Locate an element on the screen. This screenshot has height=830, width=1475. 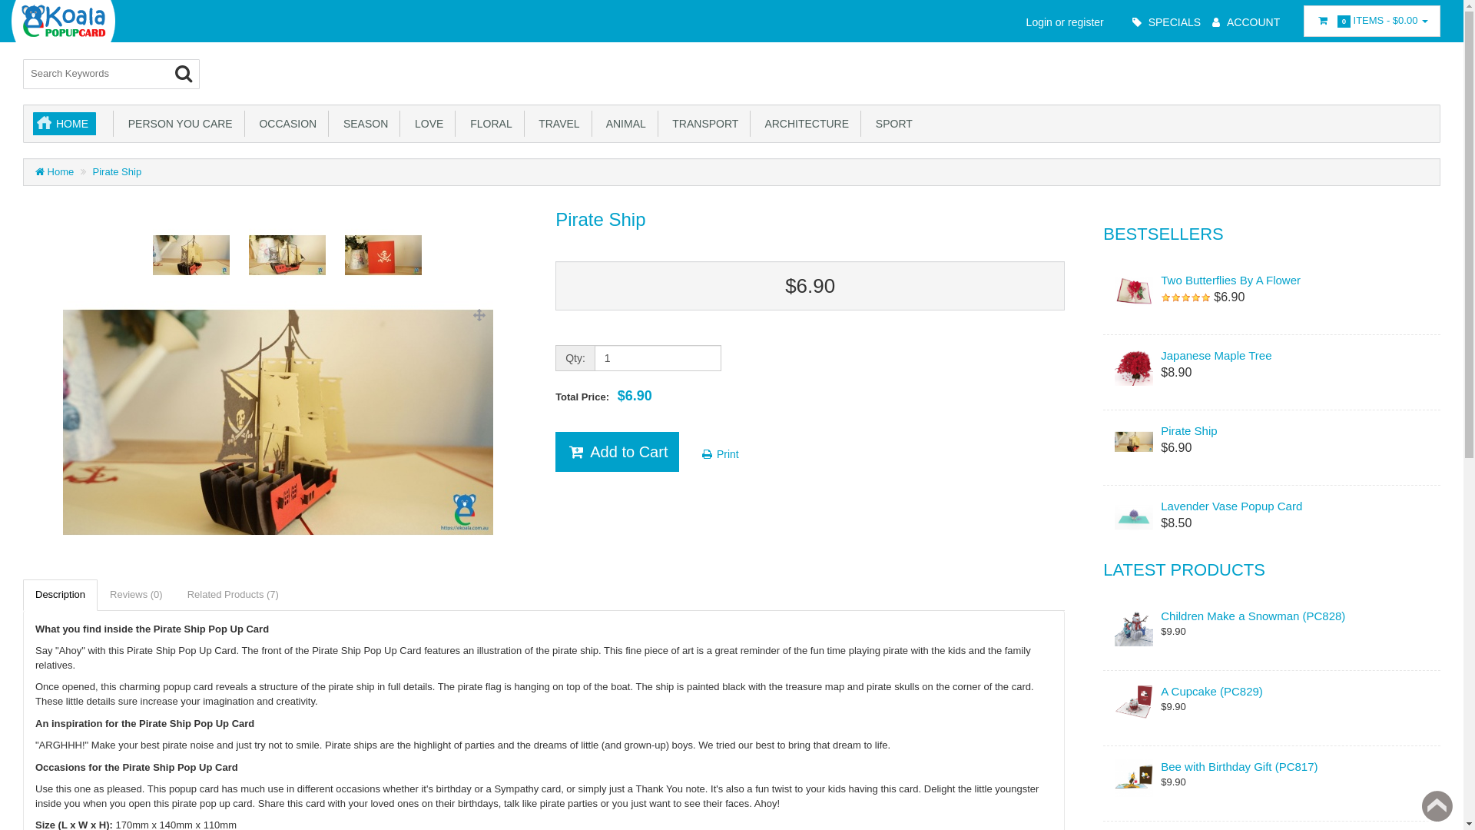
' ACCOUNT' is located at coordinates (1244, 22).